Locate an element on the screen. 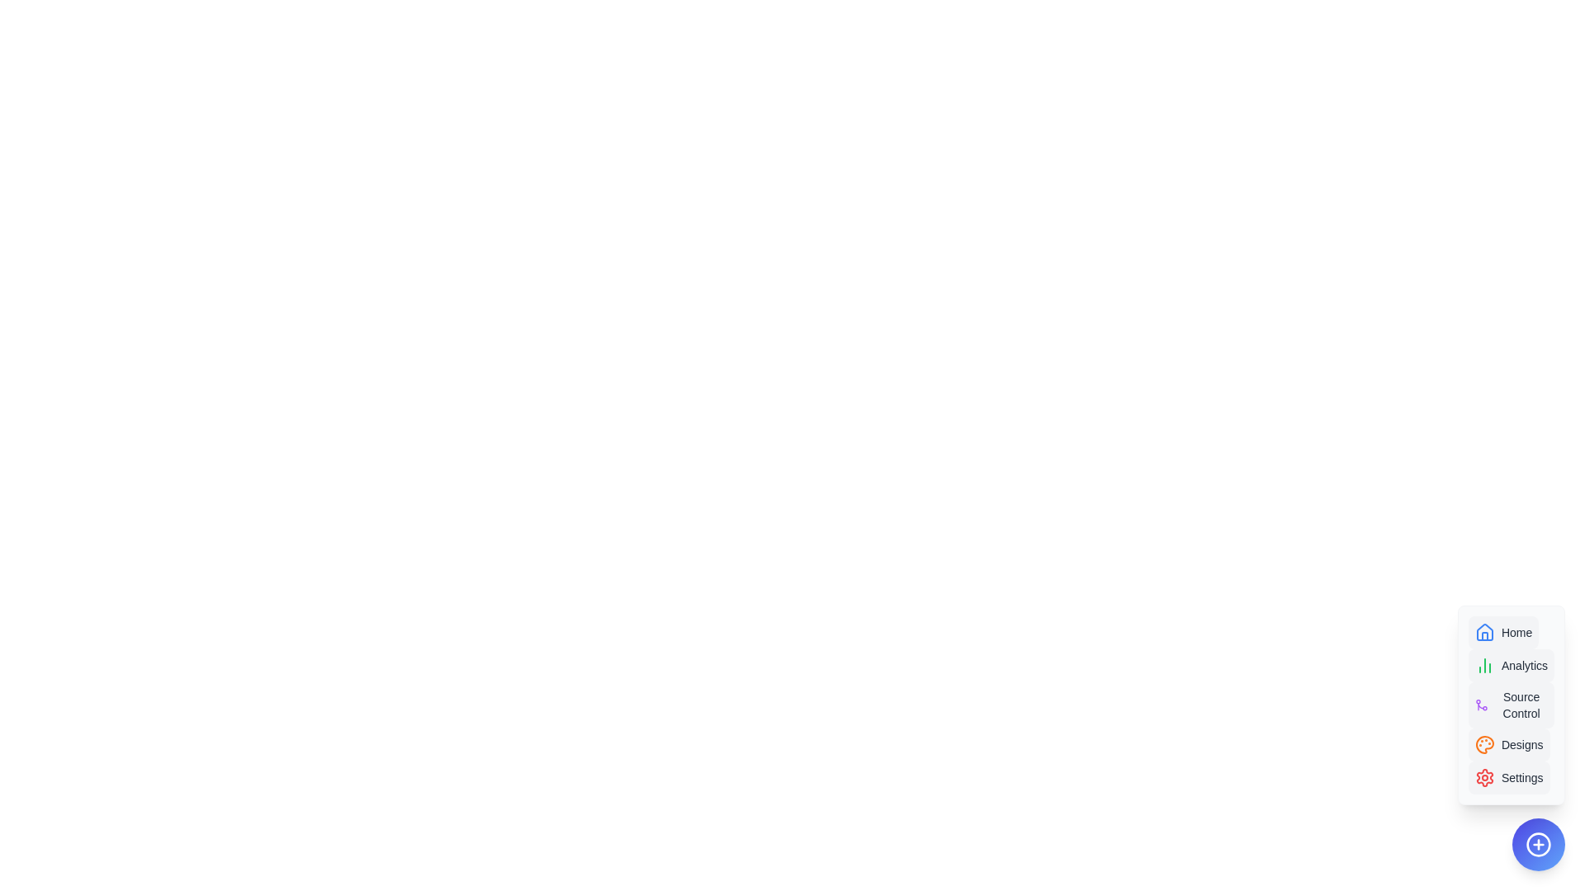 Image resolution: width=1585 pixels, height=891 pixels. the option Home from the speed dial menu is located at coordinates (1503, 632).